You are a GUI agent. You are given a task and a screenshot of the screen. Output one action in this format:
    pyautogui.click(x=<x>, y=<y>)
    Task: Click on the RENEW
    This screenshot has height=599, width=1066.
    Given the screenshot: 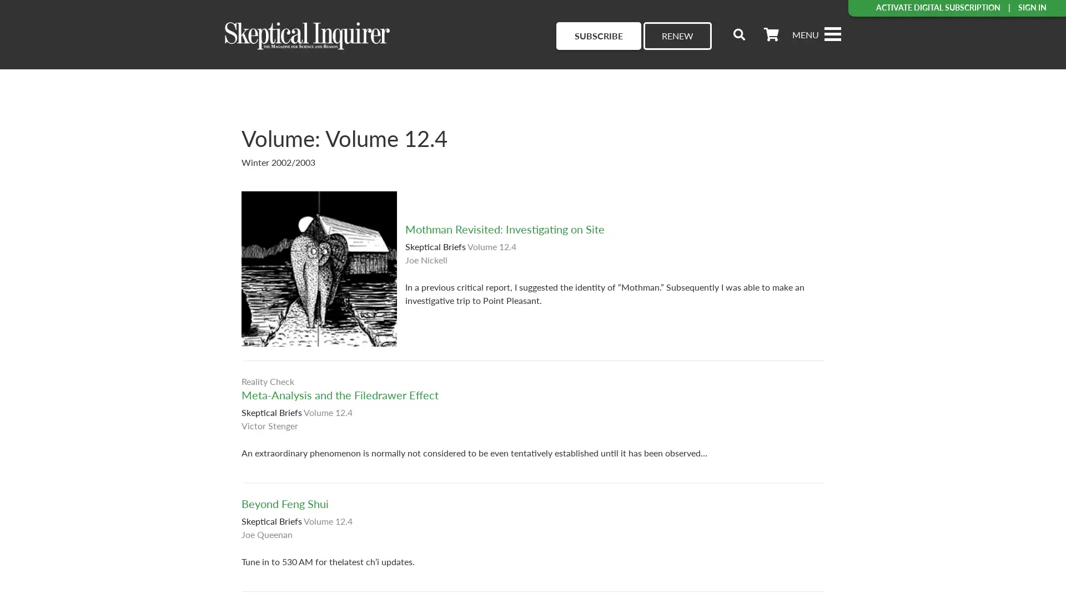 What is the action you would take?
    pyautogui.click(x=677, y=35)
    